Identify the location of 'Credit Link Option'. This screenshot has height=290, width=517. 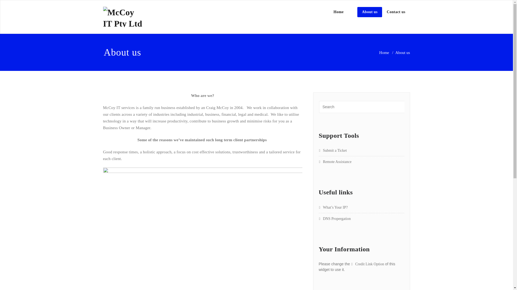
(367, 264).